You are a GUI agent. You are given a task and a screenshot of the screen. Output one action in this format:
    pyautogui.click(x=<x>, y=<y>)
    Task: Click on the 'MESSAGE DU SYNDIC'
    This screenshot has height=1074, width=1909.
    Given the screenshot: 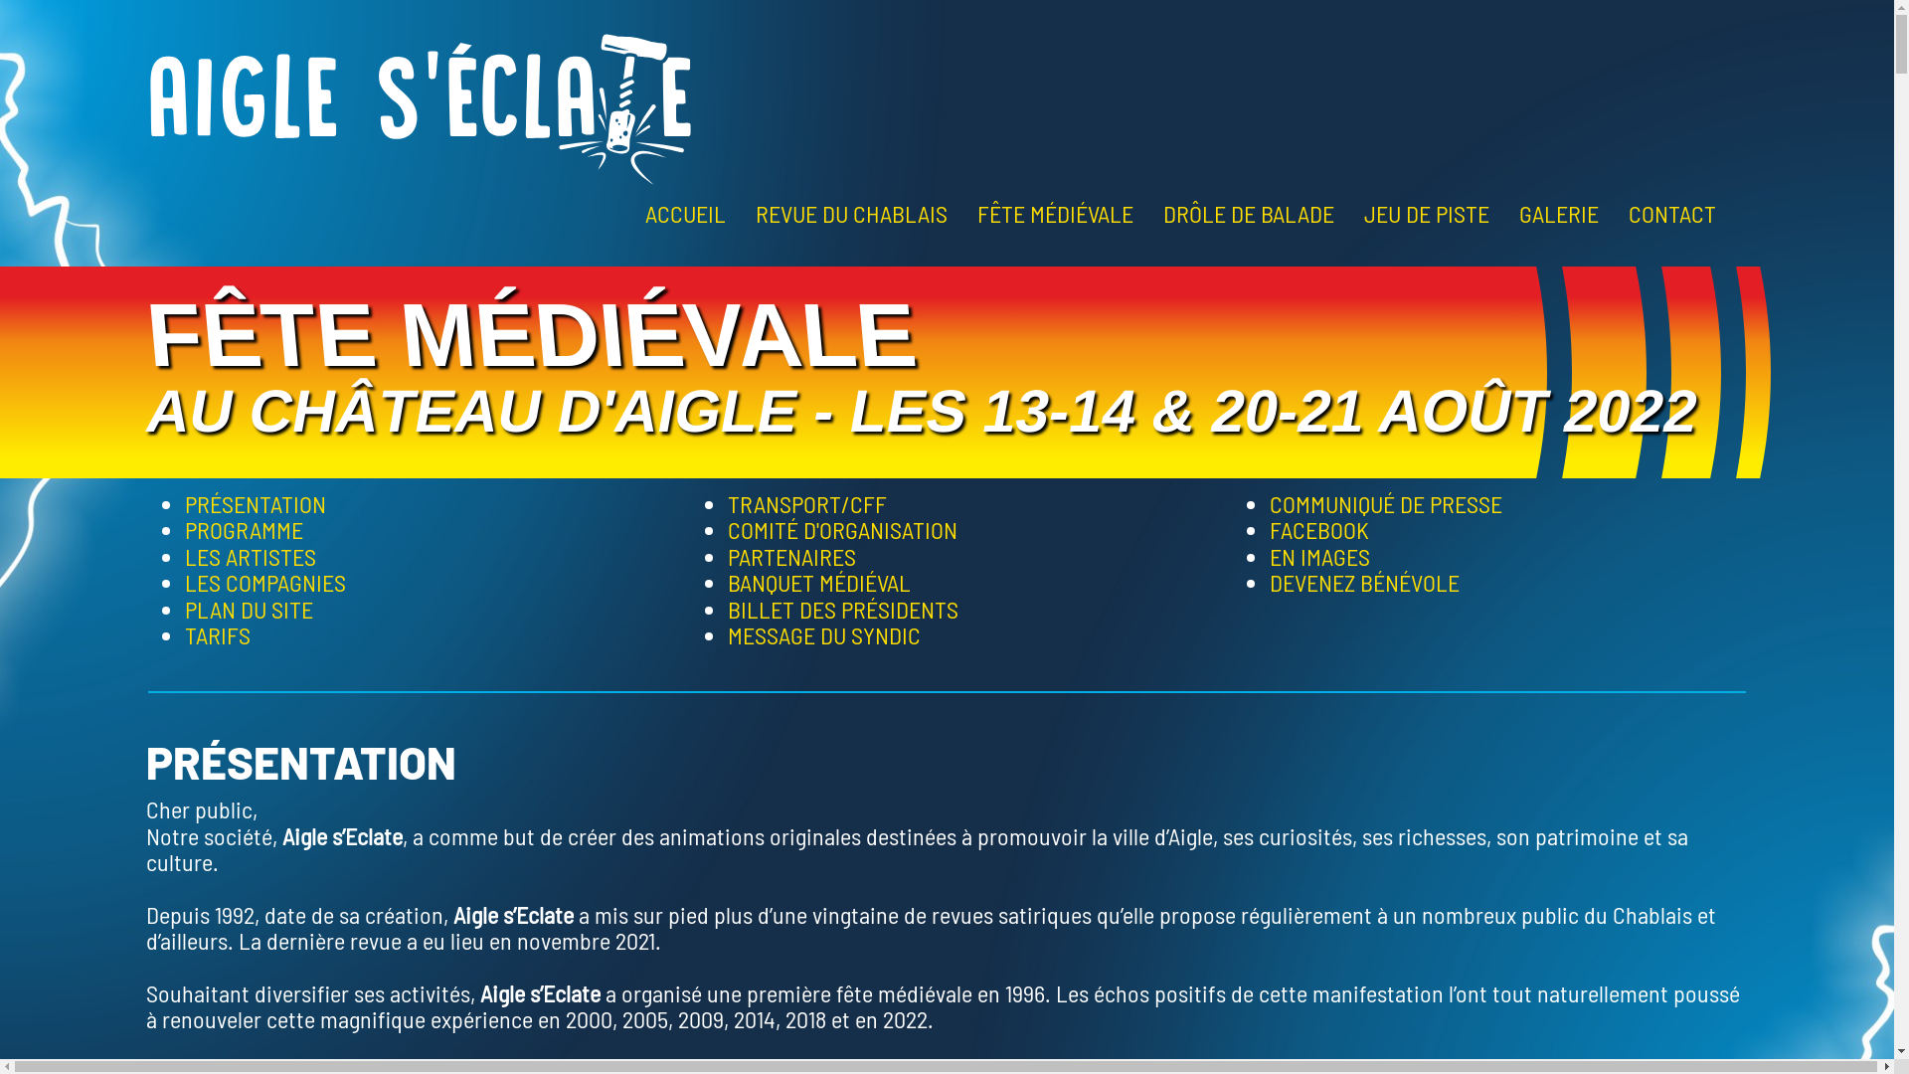 What is the action you would take?
    pyautogui.click(x=824, y=634)
    